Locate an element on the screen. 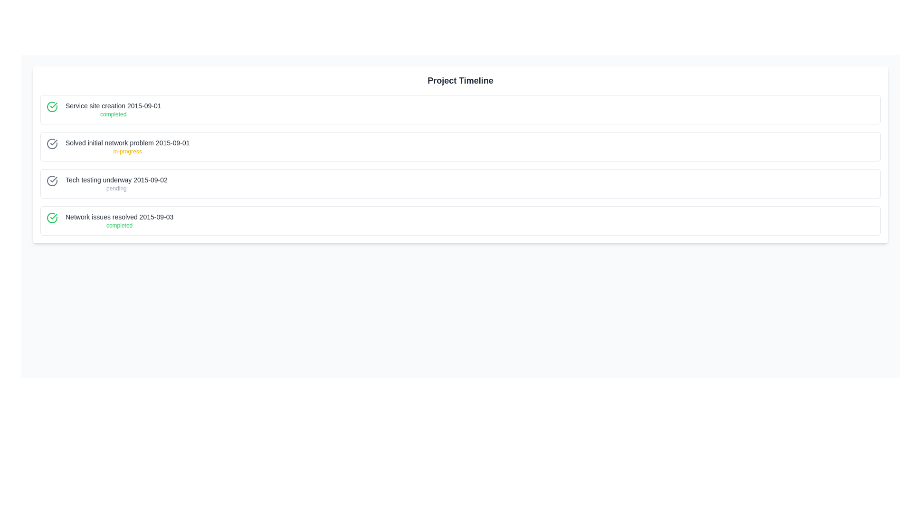  the completed task list item located as the fourth item in the vertical timeline entries, positioned at the bottom of the list is located at coordinates (460, 221).